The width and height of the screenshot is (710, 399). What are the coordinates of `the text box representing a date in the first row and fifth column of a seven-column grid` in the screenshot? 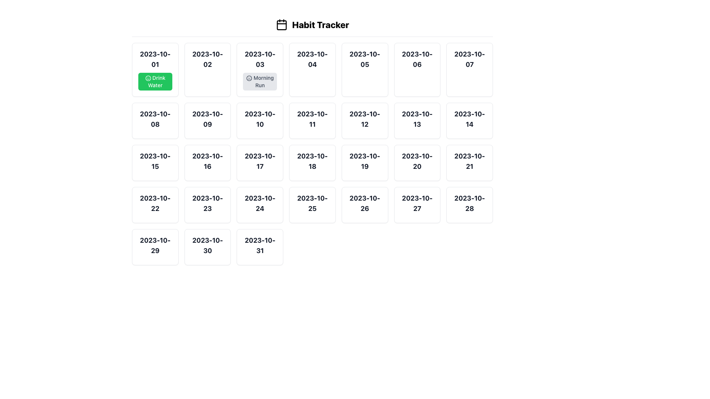 It's located at (365, 70).